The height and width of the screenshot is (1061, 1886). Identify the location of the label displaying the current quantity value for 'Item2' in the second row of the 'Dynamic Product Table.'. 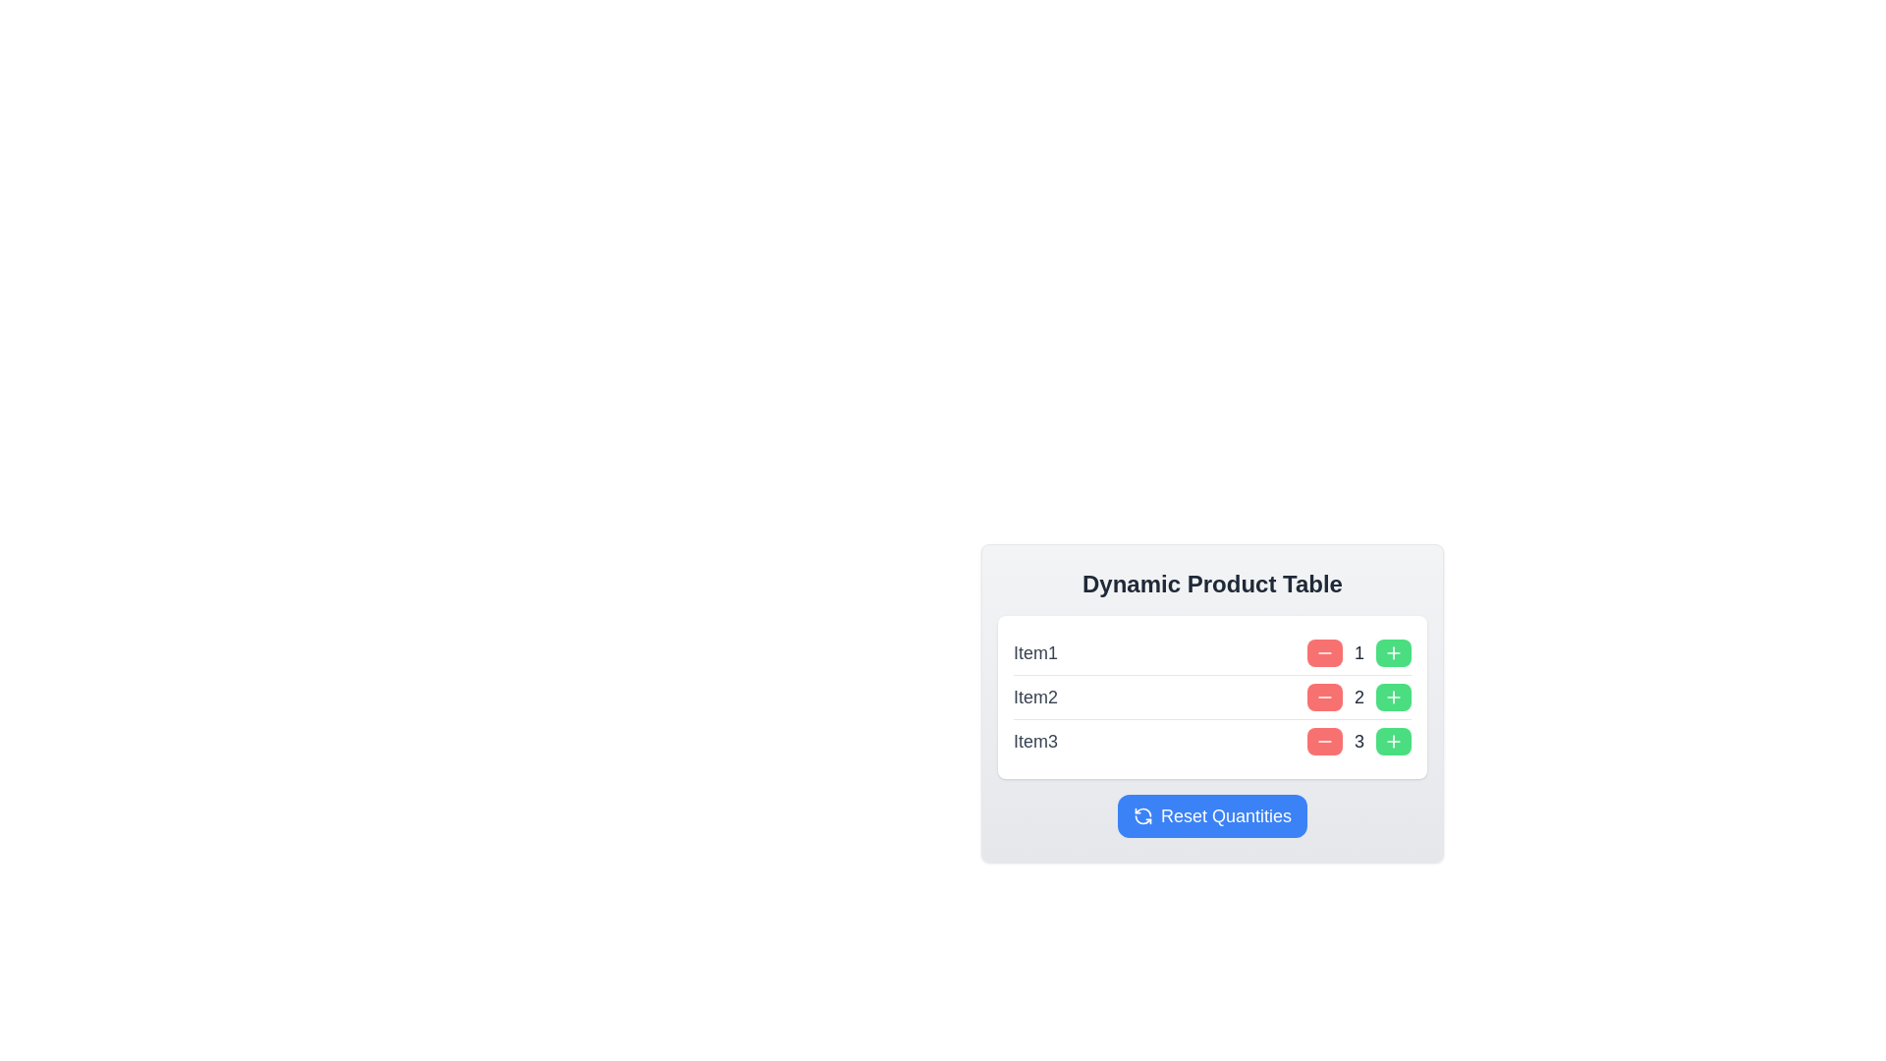
(1358, 696).